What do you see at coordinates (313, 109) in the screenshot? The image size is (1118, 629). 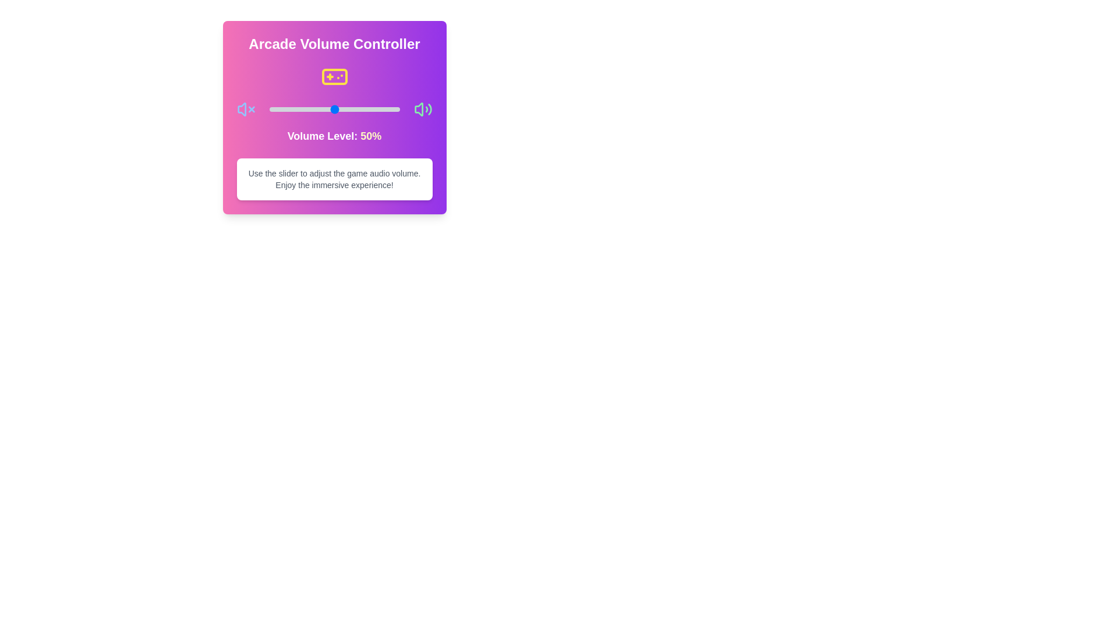 I see `the volume to 34% by dragging the slider` at bounding box center [313, 109].